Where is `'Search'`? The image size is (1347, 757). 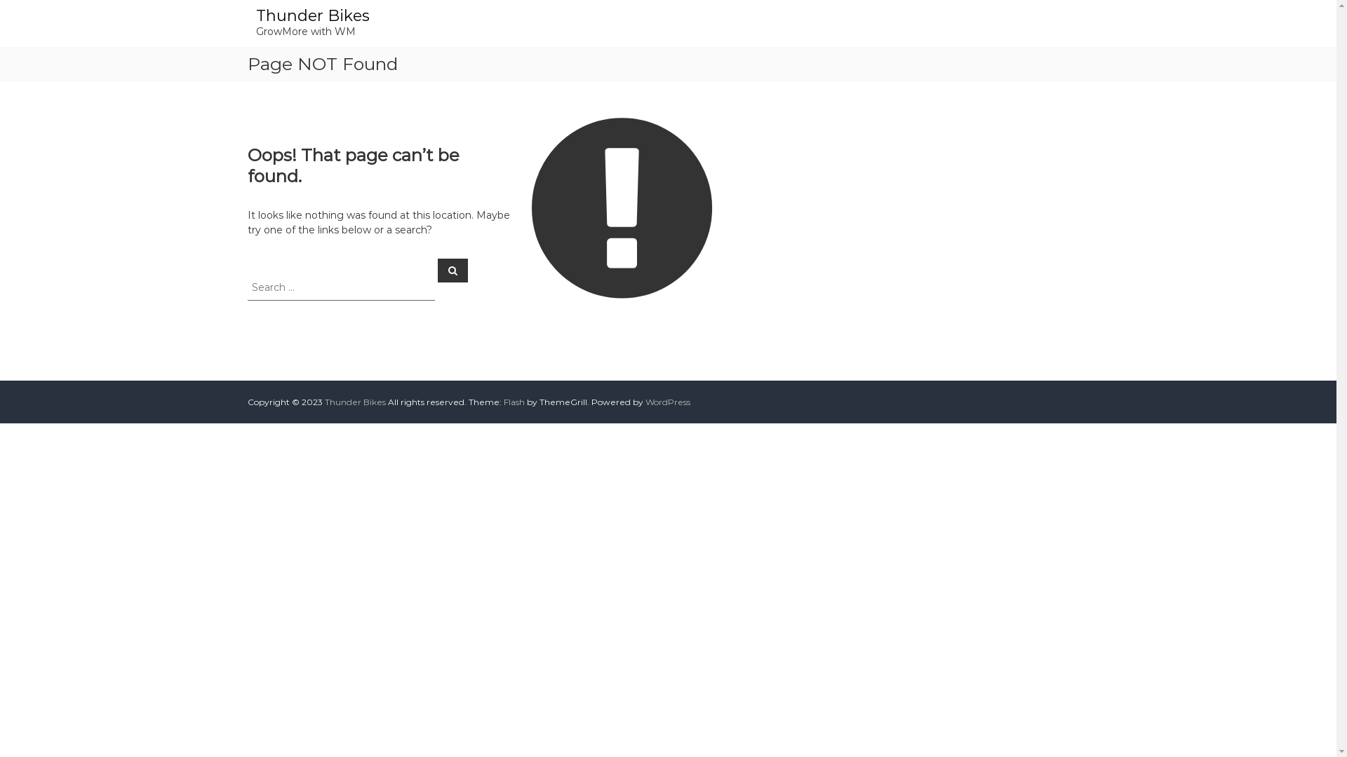 'Search' is located at coordinates (453, 270).